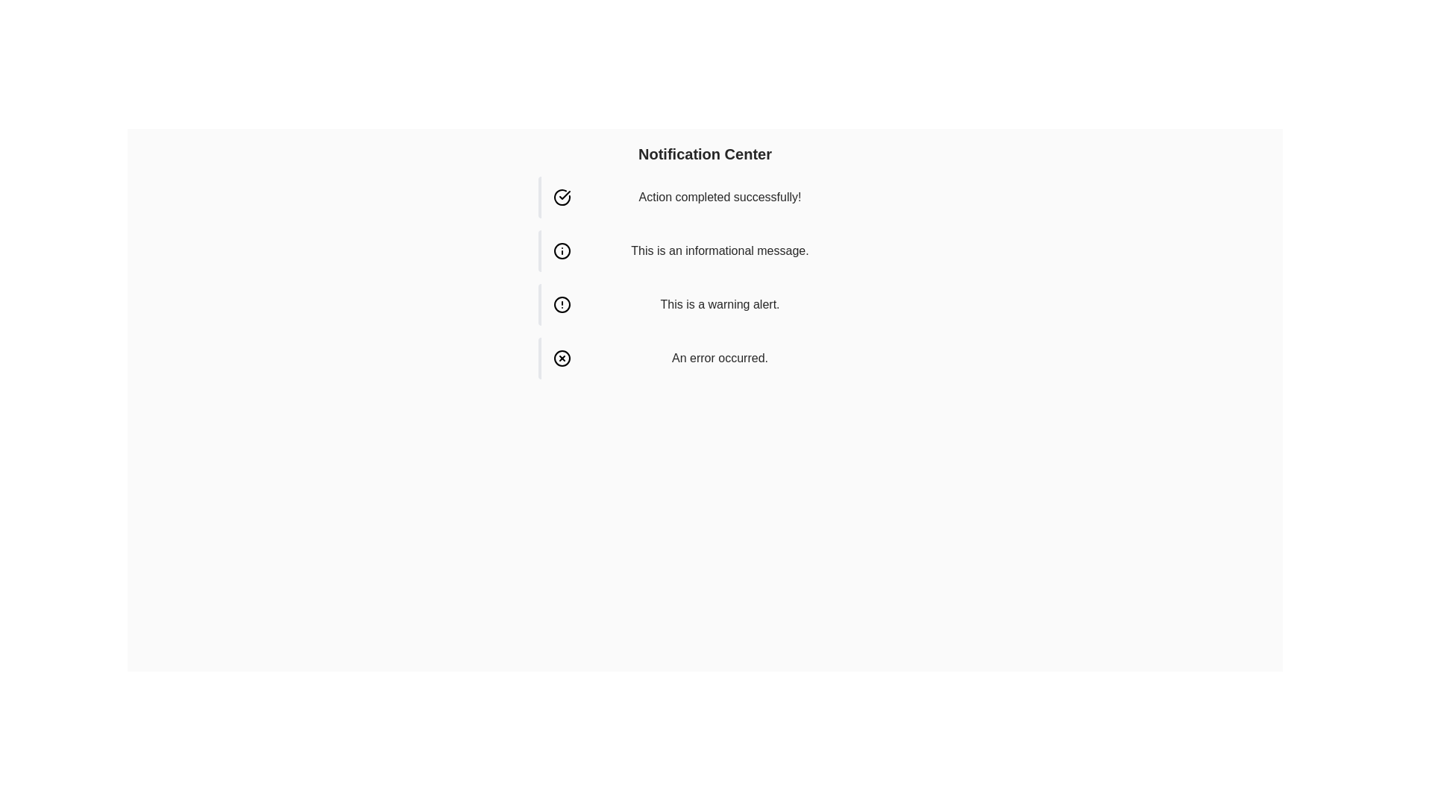 The image size is (1432, 805). What do you see at coordinates (704, 303) in the screenshot?
I see `the third notification alert in the vertical list, which serves as a warning notification to inform the user about potential issues` at bounding box center [704, 303].